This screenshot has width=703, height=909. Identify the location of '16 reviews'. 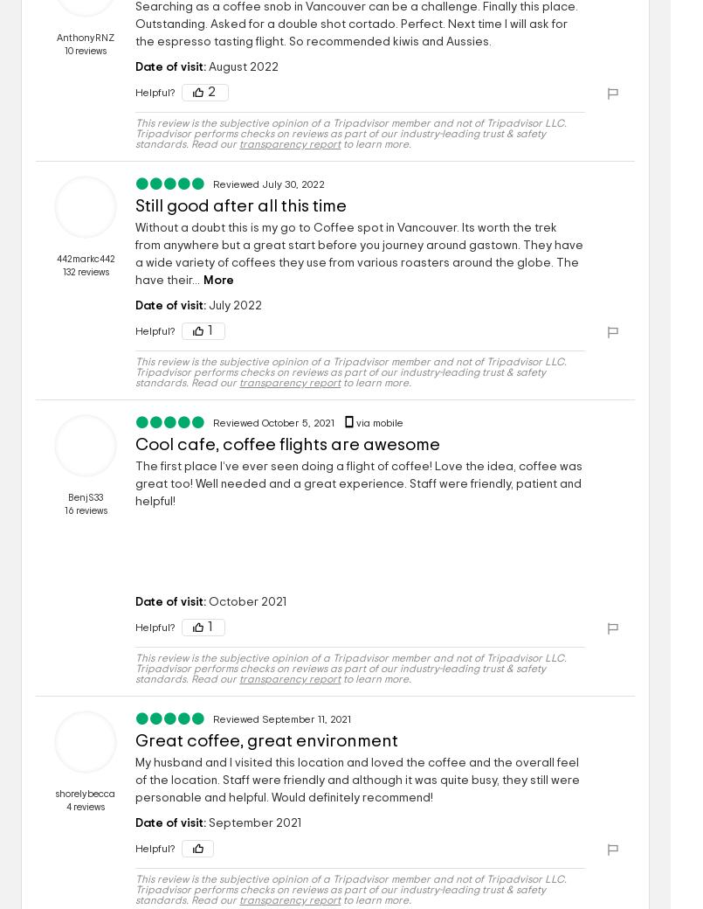
(84, 510).